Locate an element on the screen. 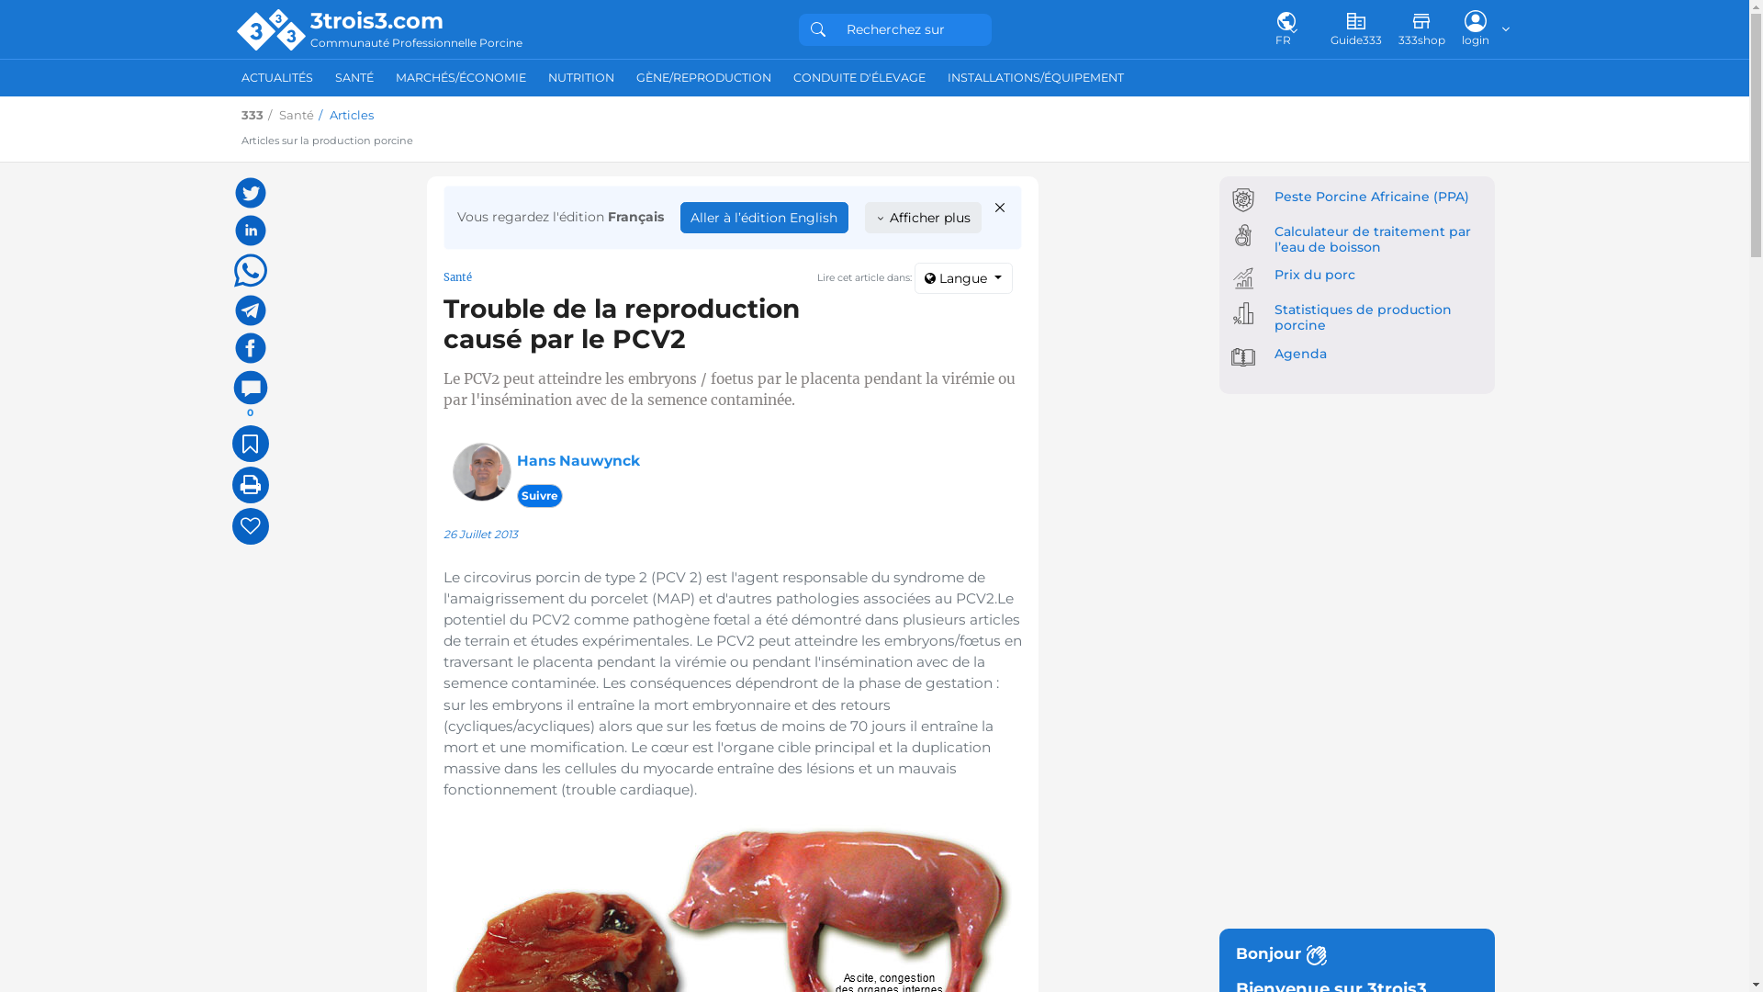 Image resolution: width=1763 pixels, height=992 pixels. 'FR' is located at coordinates (1285, 28).